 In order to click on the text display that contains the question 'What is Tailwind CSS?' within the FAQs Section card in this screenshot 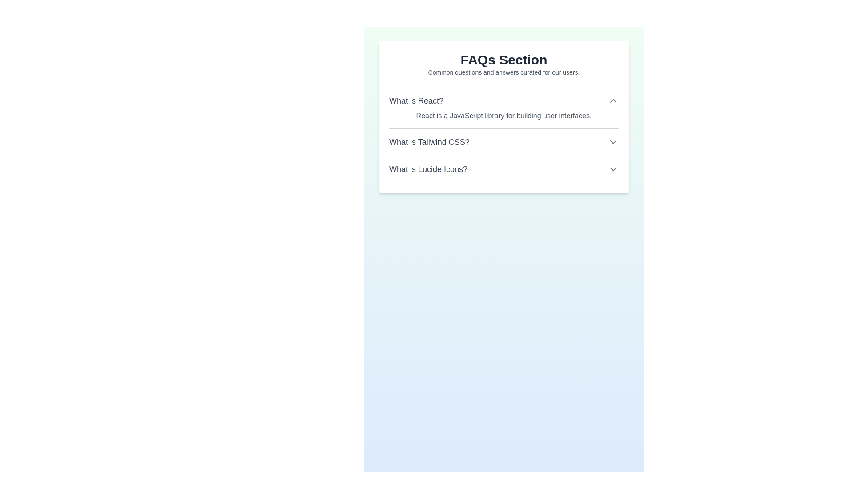, I will do `click(429, 142)`.